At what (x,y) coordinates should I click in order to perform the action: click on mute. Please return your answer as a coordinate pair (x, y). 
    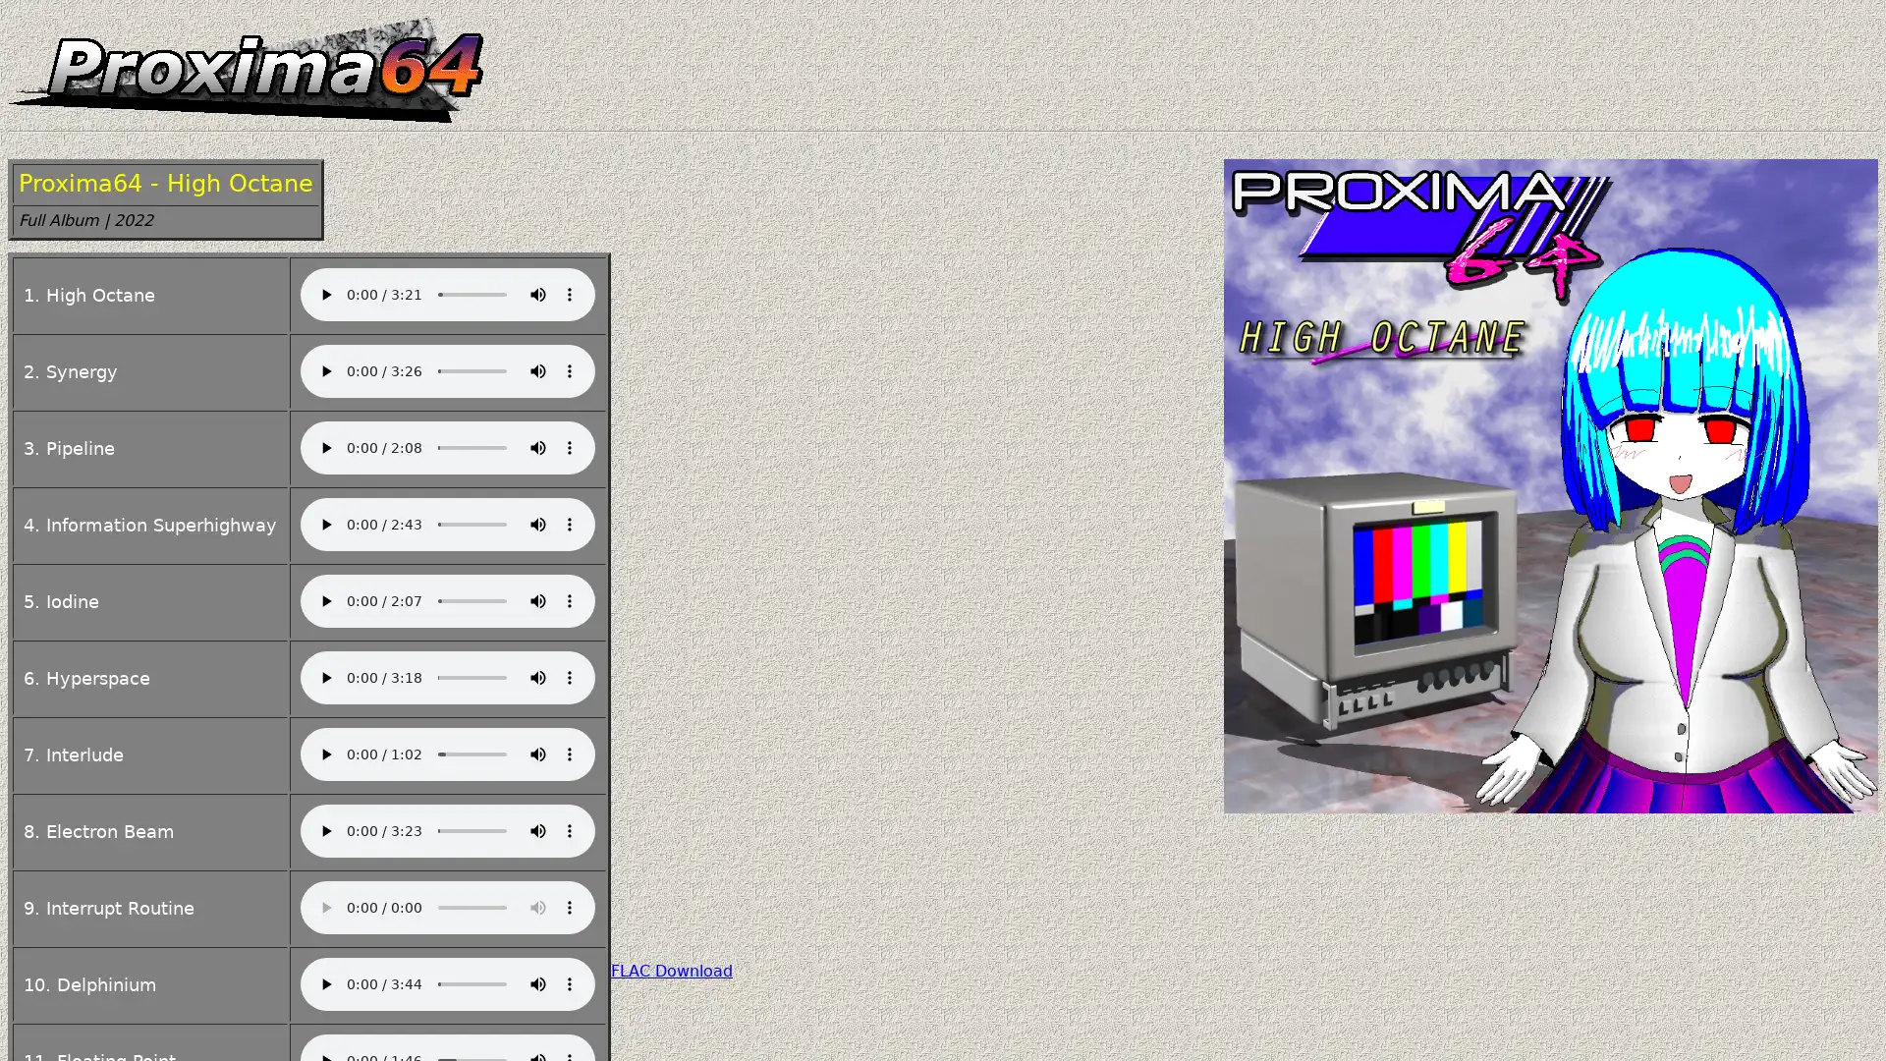
    Looking at the image, I should click on (537, 984).